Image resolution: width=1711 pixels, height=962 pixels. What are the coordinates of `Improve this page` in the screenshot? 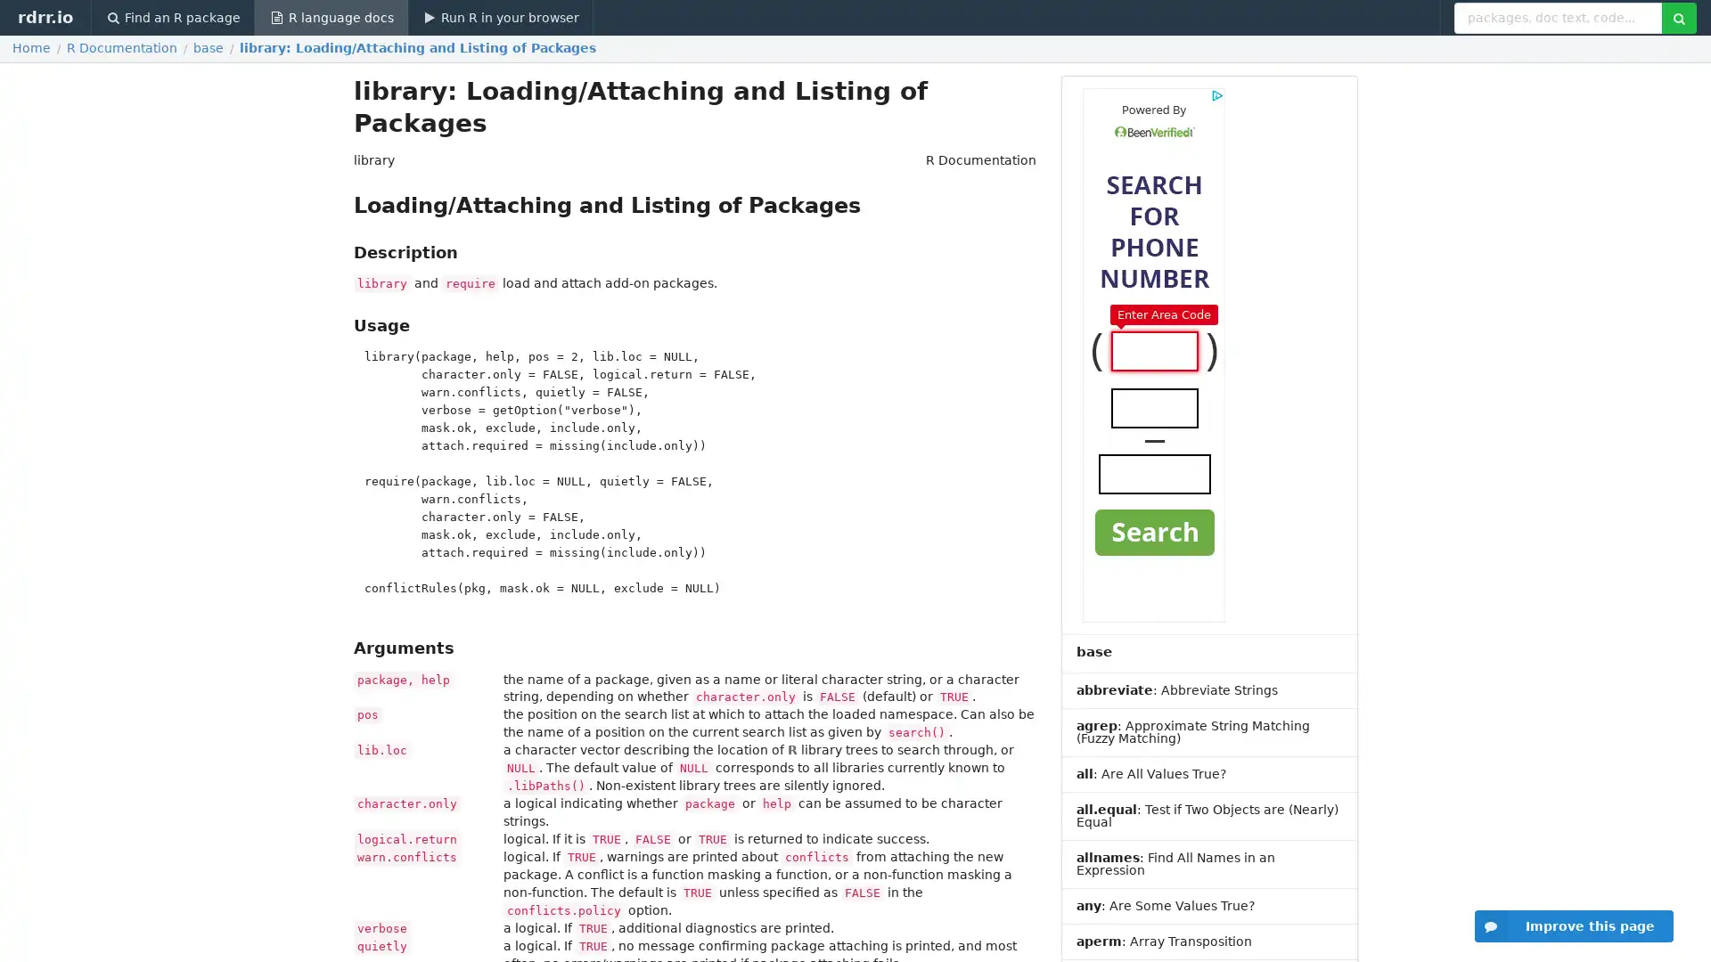 It's located at (1574, 925).